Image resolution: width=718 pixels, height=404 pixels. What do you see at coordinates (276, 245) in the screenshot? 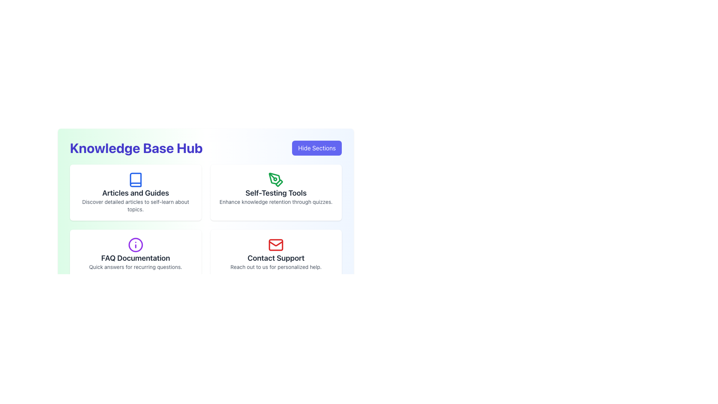
I see `the decorative SVG shape representing the body of the envelope icon in the 'Contact Support' section located at the bottom-right quadrant of the interface` at bounding box center [276, 245].